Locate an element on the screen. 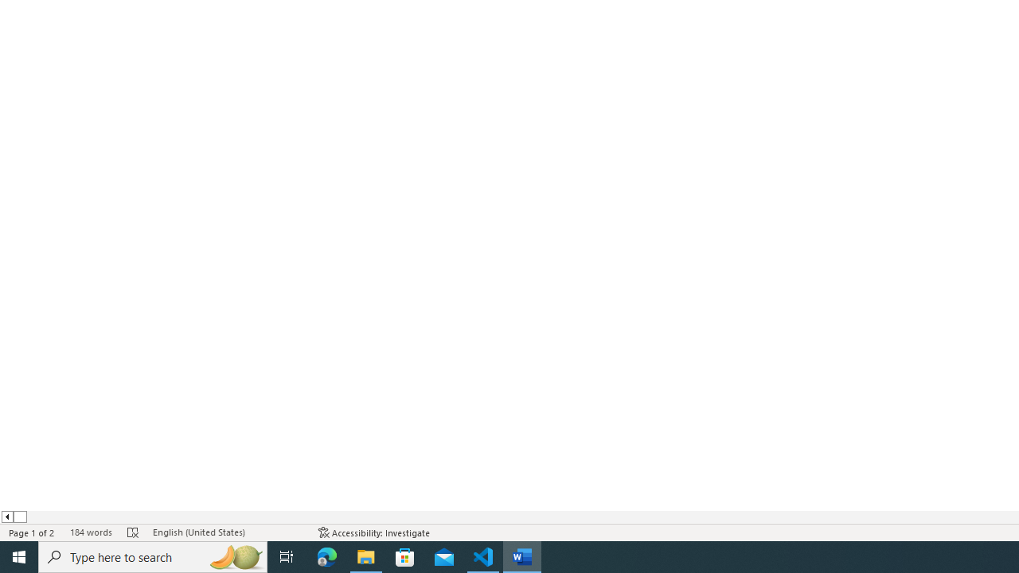  'Type here to search' is located at coordinates (153, 555).